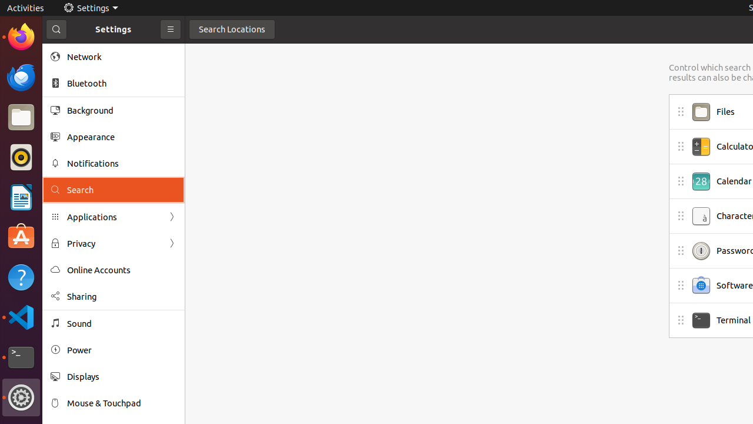 The width and height of the screenshot is (753, 424). Describe the element at coordinates (121, 270) in the screenshot. I see `'Online Accounts'` at that location.